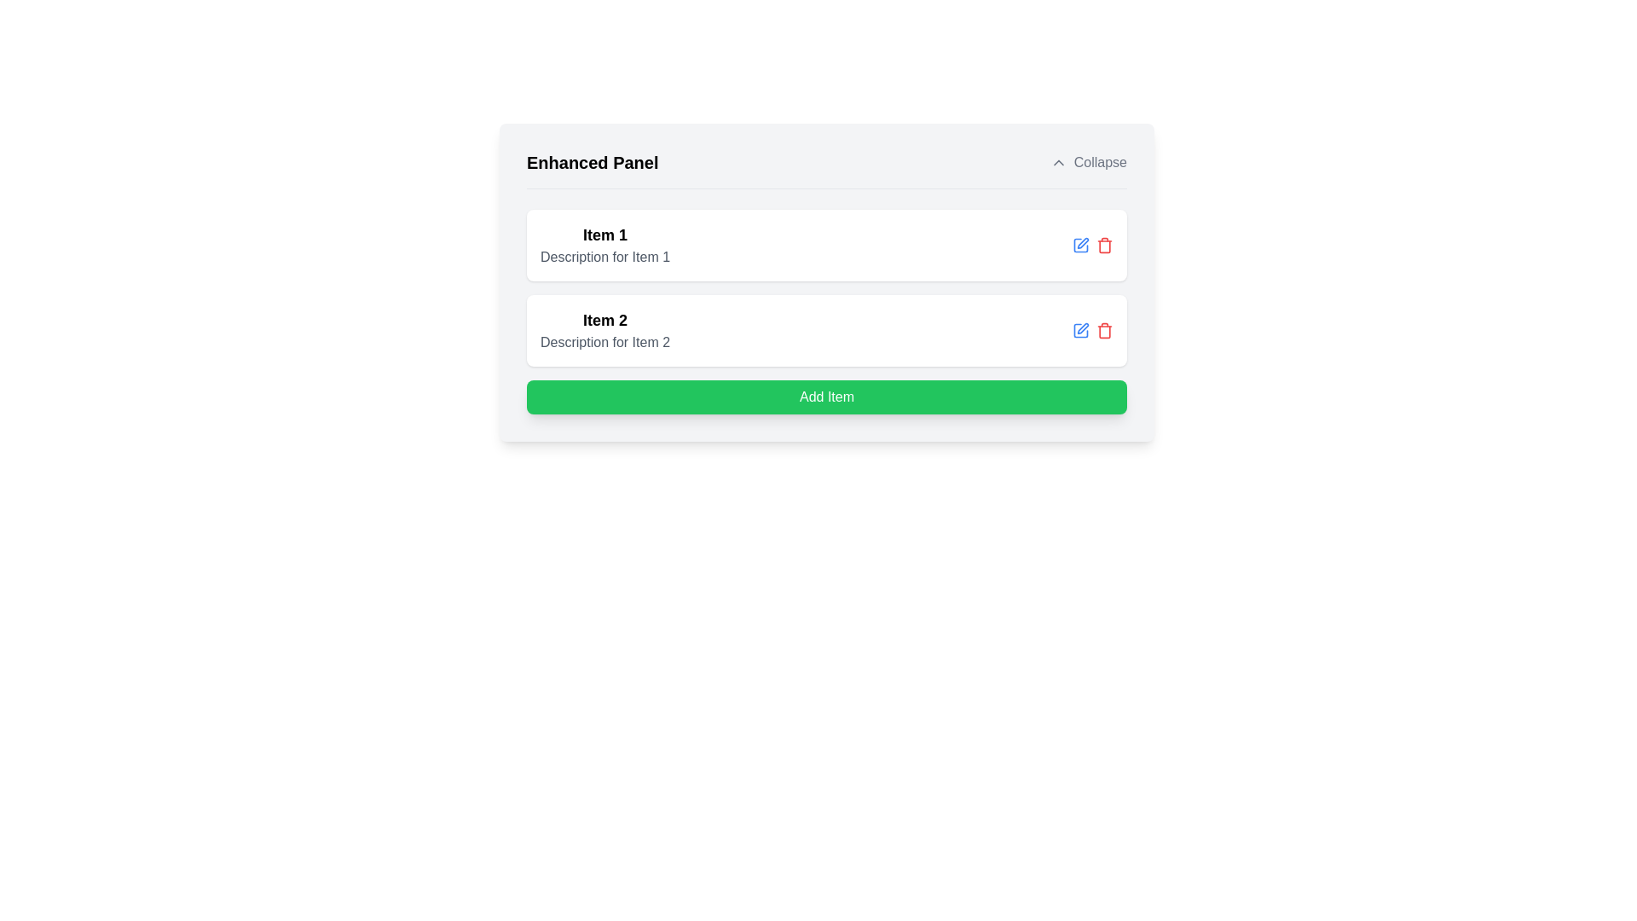  I want to click on title 'Item 2' and its description from the text display that is the second item in the 'Enhanced Panel' list, so click(605, 331).